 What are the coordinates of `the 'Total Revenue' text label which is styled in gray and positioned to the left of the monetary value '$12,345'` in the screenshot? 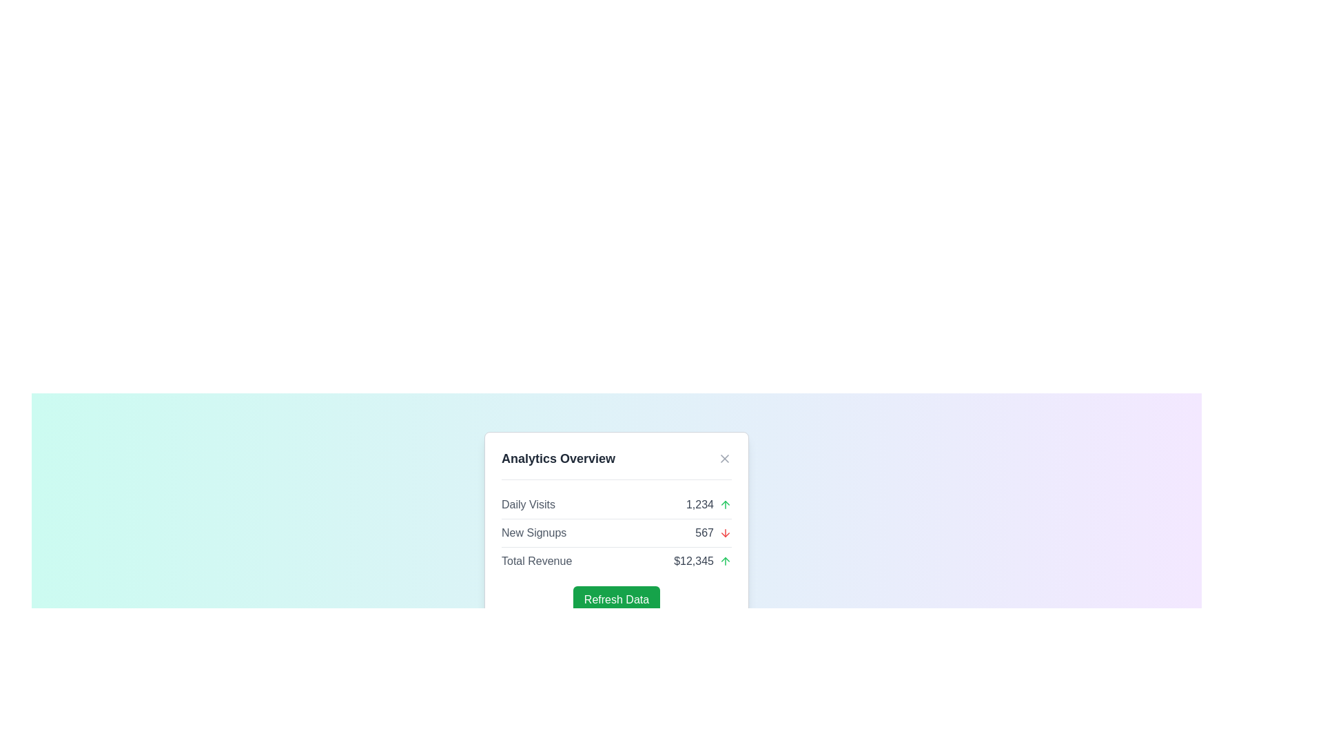 It's located at (536, 561).